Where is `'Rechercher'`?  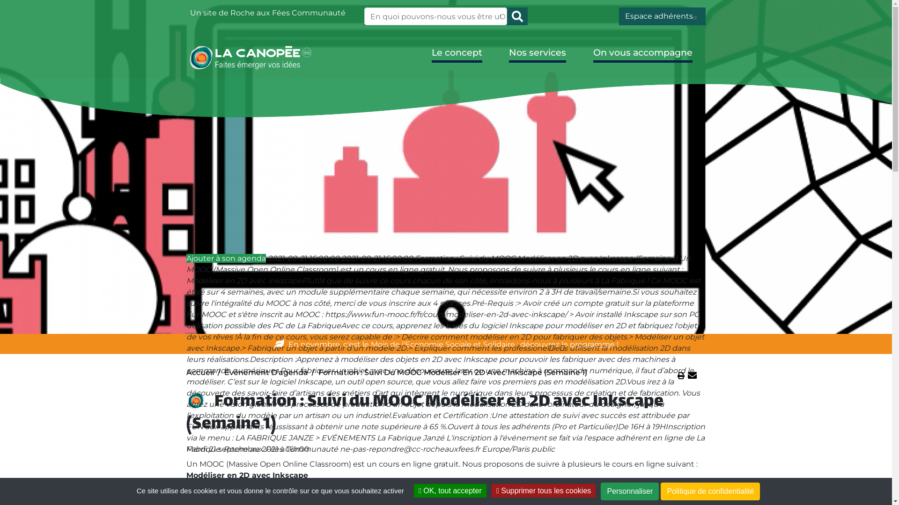 'Rechercher' is located at coordinates (516, 16).